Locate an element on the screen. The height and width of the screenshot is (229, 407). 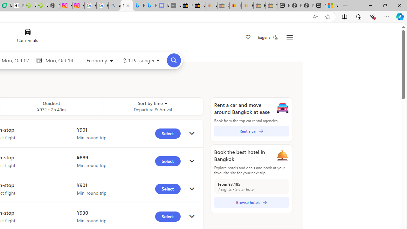
'Eugene' is located at coordinates (267, 37).